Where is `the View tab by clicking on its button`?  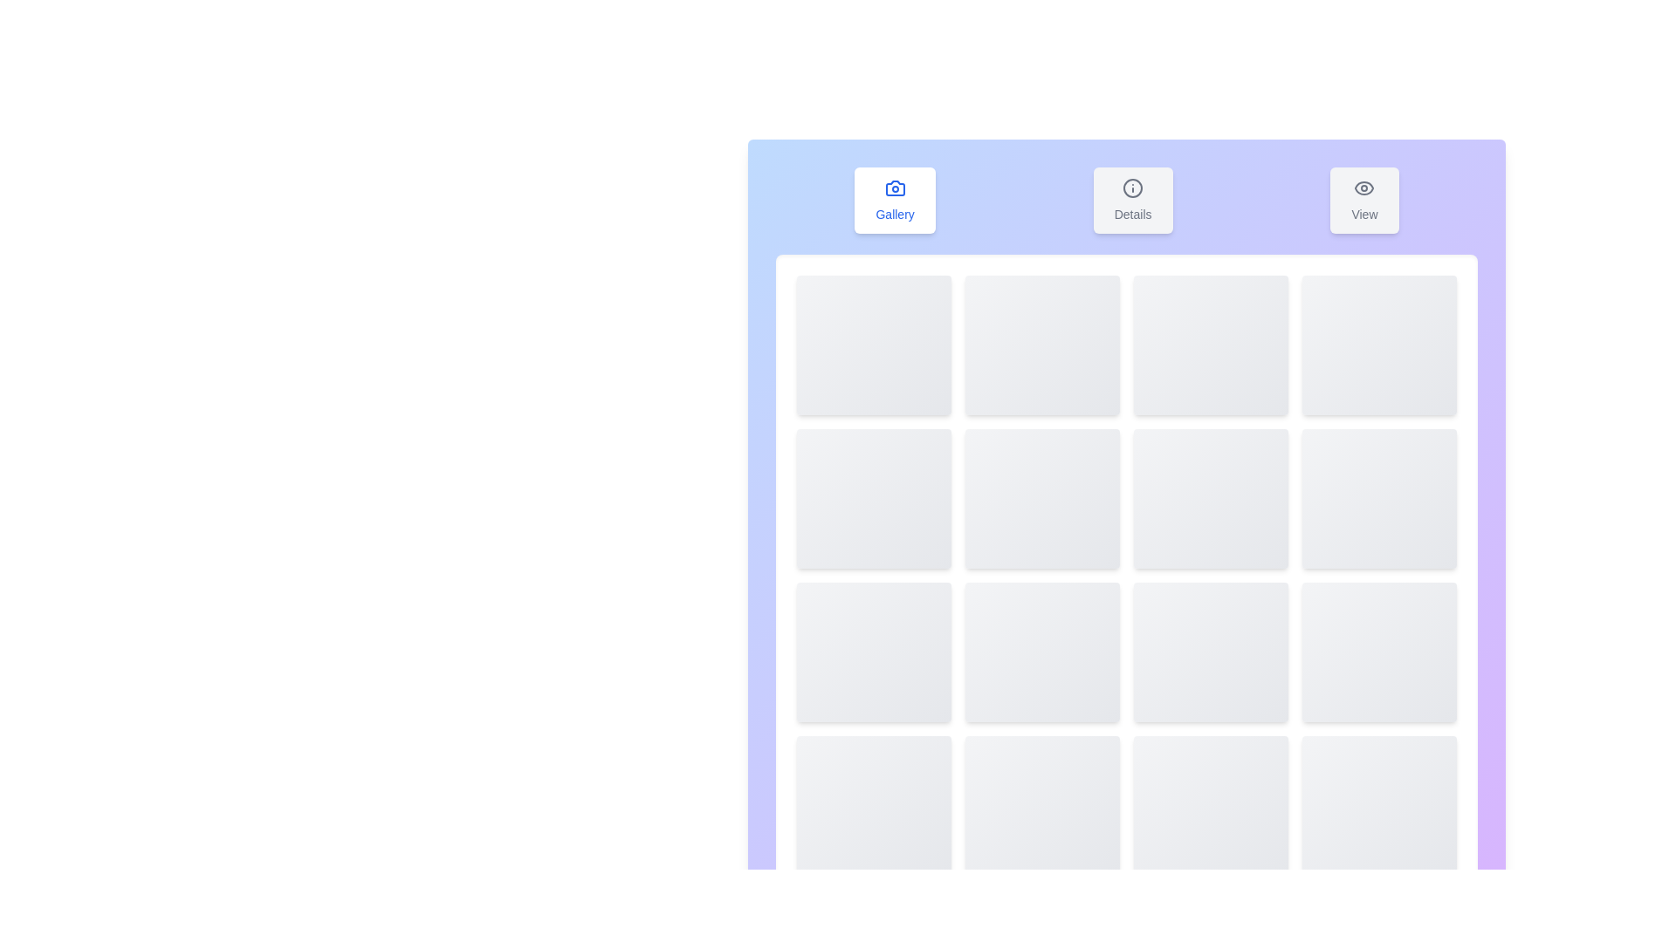
the View tab by clicking on its button is located at coordinates (1363, 200).